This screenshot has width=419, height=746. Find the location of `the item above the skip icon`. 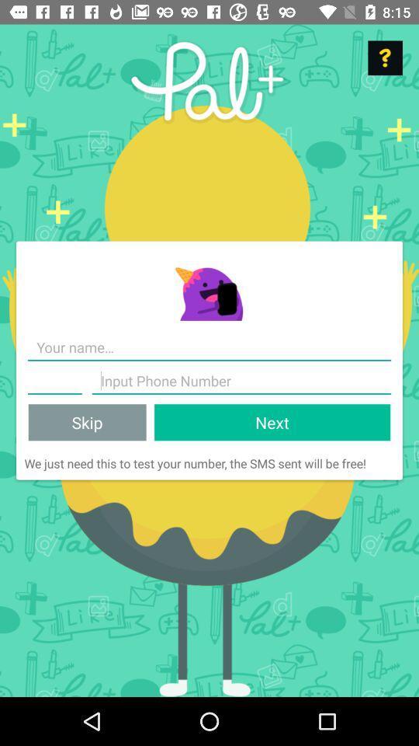

the item above the skip icon is located at coordinates (54, 380).